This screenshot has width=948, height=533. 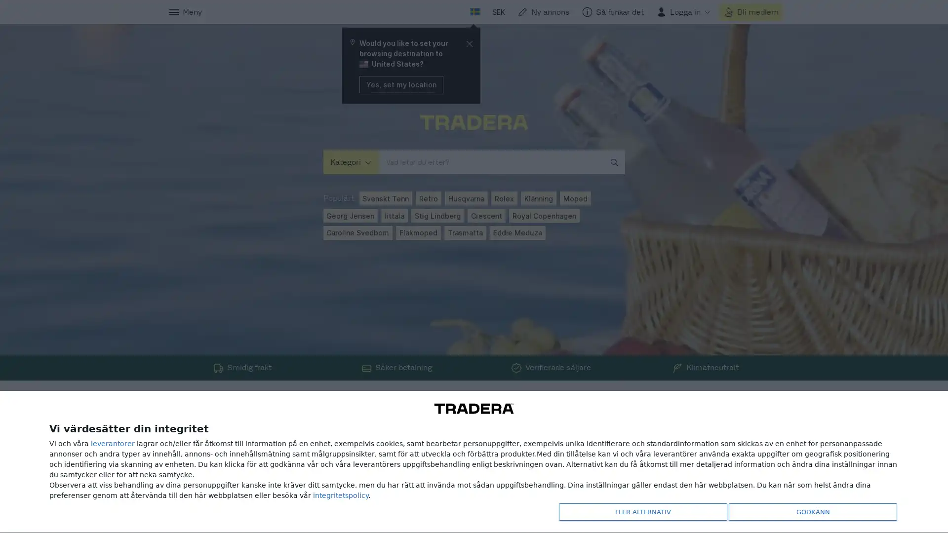 What do you see at coordinates (640, 510) in the screenshot?
I see `FLER ALTERNATIV` at bounding box center [640, 510].